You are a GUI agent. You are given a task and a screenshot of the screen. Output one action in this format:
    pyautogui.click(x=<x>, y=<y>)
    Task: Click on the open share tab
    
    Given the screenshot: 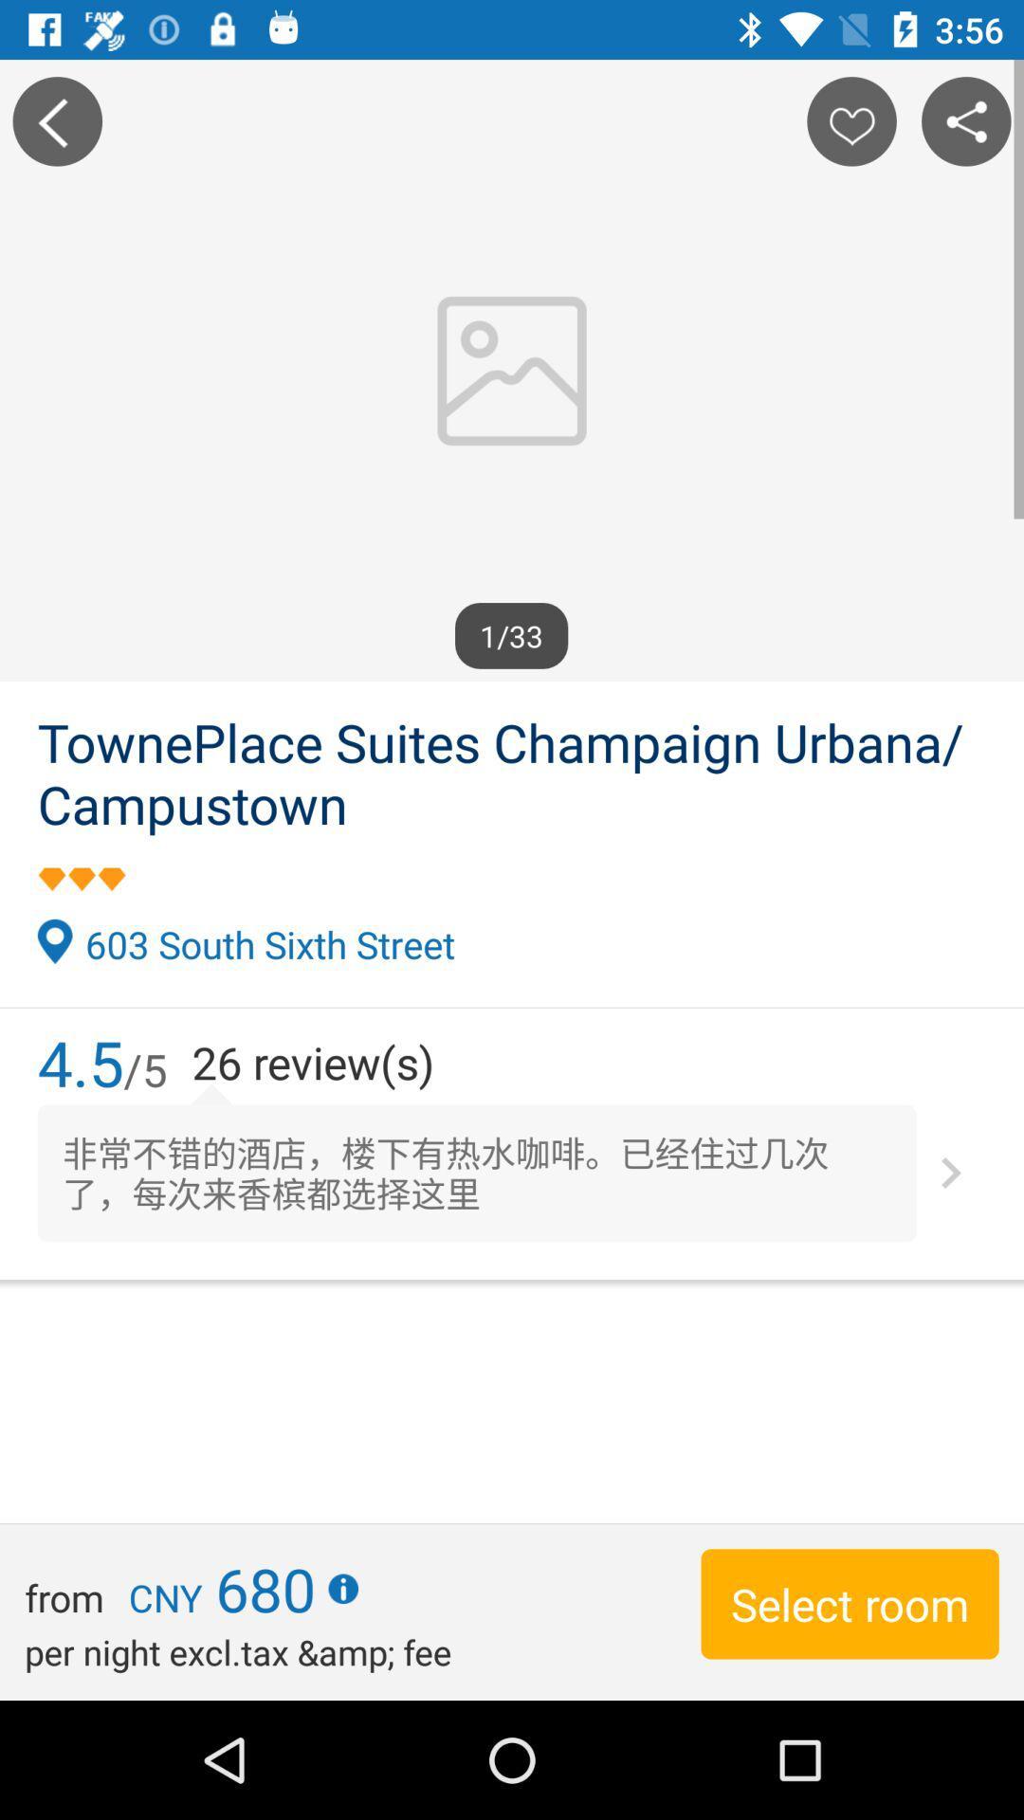 What is the action you would take?
    pyautogui.click(x=966, y=120)
    